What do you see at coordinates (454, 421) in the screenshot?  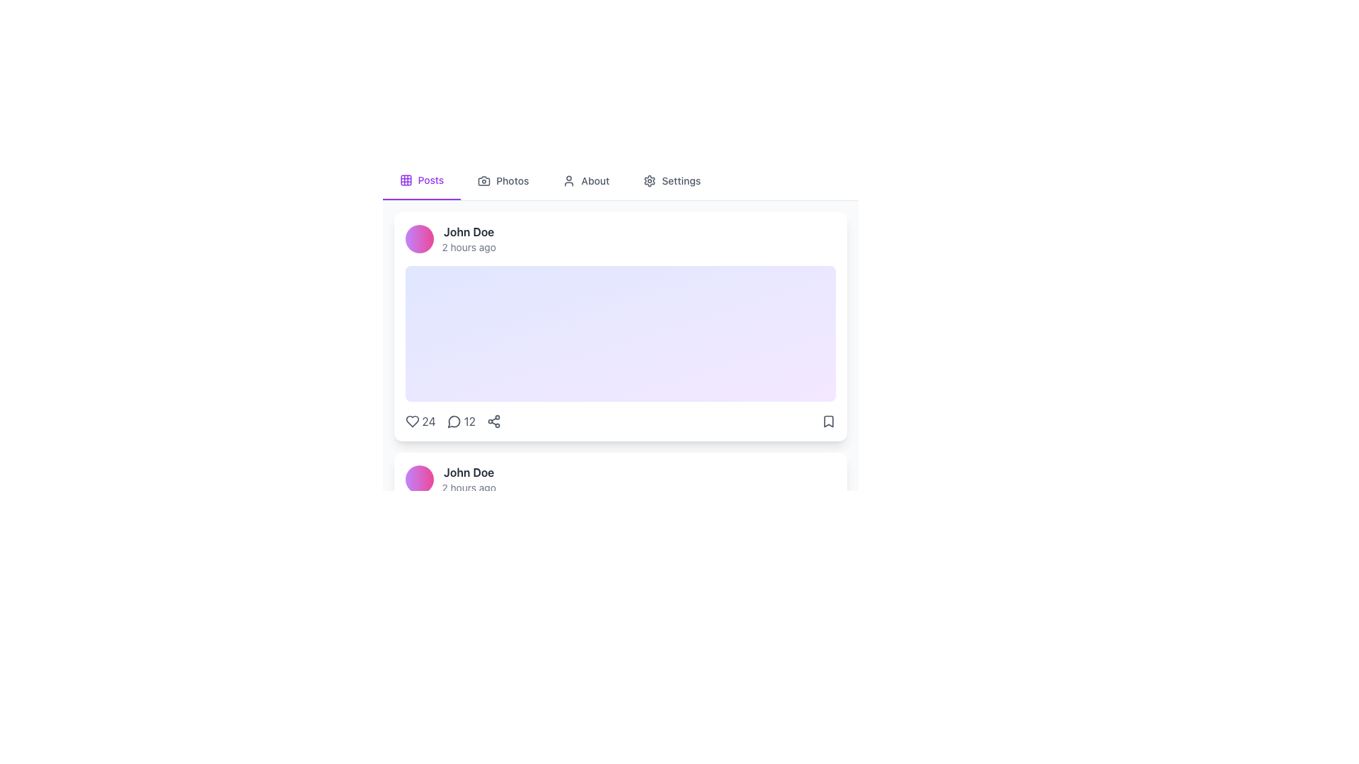 I see `the comment/reply icon located to the left of the interaction count '12', which is part of a structured layout under a post entry` at bounding box center [454, 421].